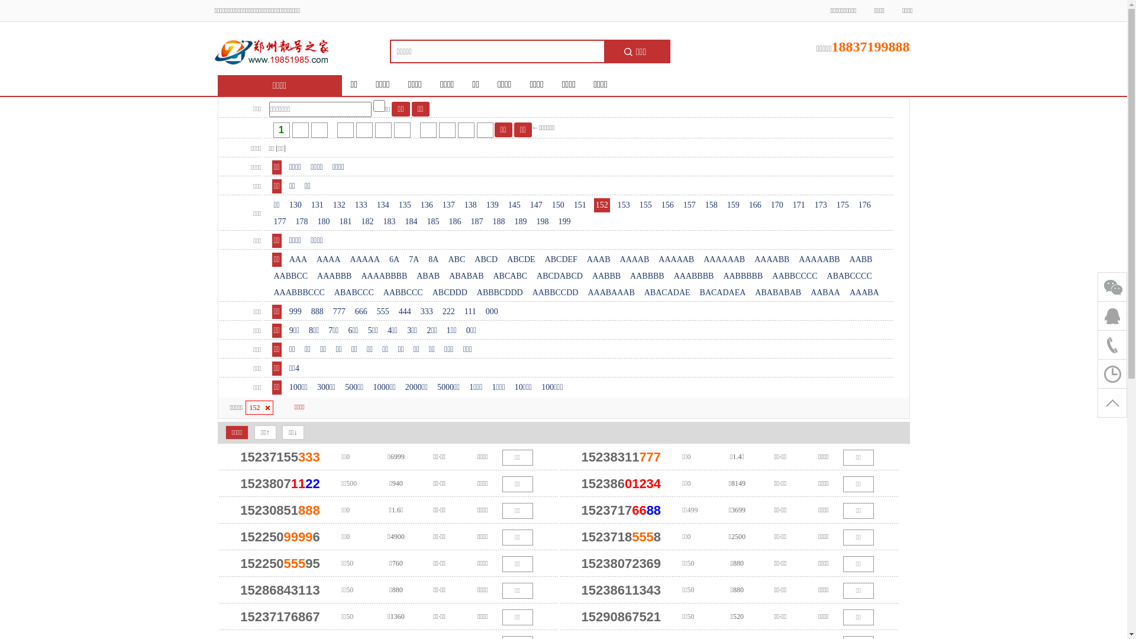 Image resolution: width=1136 pixels, height=639 pixels. Describe the element at coordinates (689, 205) in the screenshot. I see `'157'` at that location.